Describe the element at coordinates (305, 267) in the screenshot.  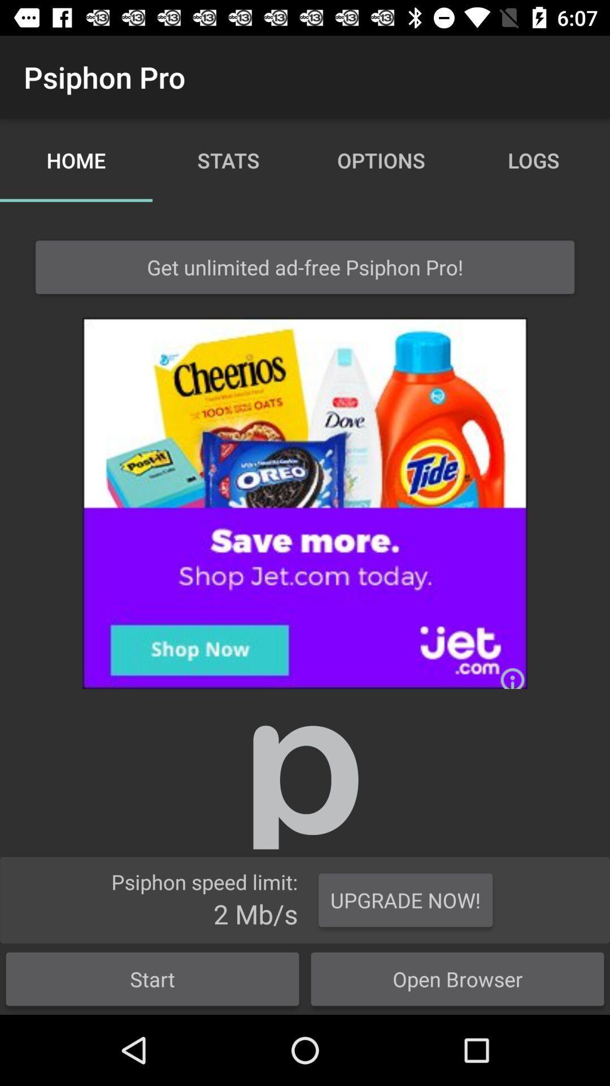
I see `tab below the text home` at that location.